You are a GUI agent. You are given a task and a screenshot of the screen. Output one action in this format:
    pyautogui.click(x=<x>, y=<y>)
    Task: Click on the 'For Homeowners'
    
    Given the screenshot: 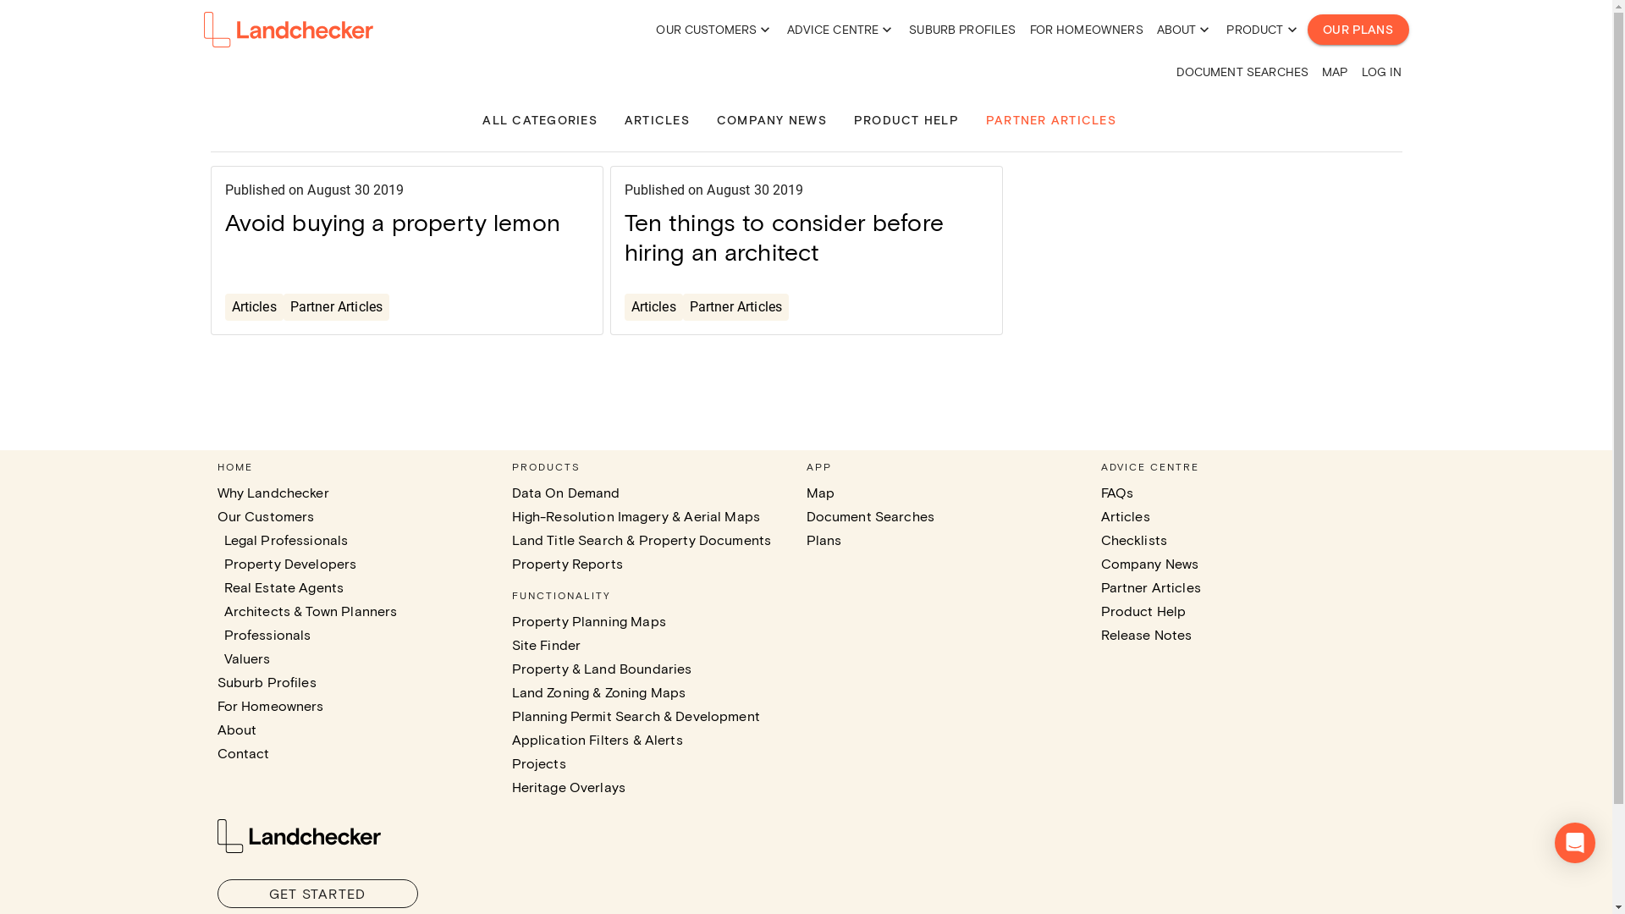 What is the action you would take?
    pyautogui.click(x=215, y=706)
    